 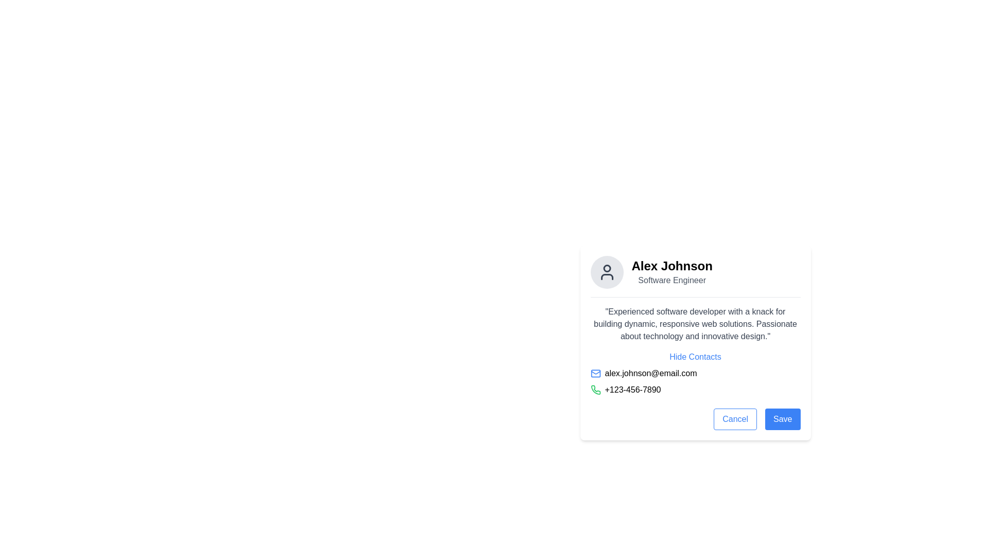 What do you see at coordinates (595, 390) in the screenshot?
I see `the phone contact icon located to the left of the phone number '+123-456-7890' in the lower section of the contact card interface` at bounding box center [595, 390].